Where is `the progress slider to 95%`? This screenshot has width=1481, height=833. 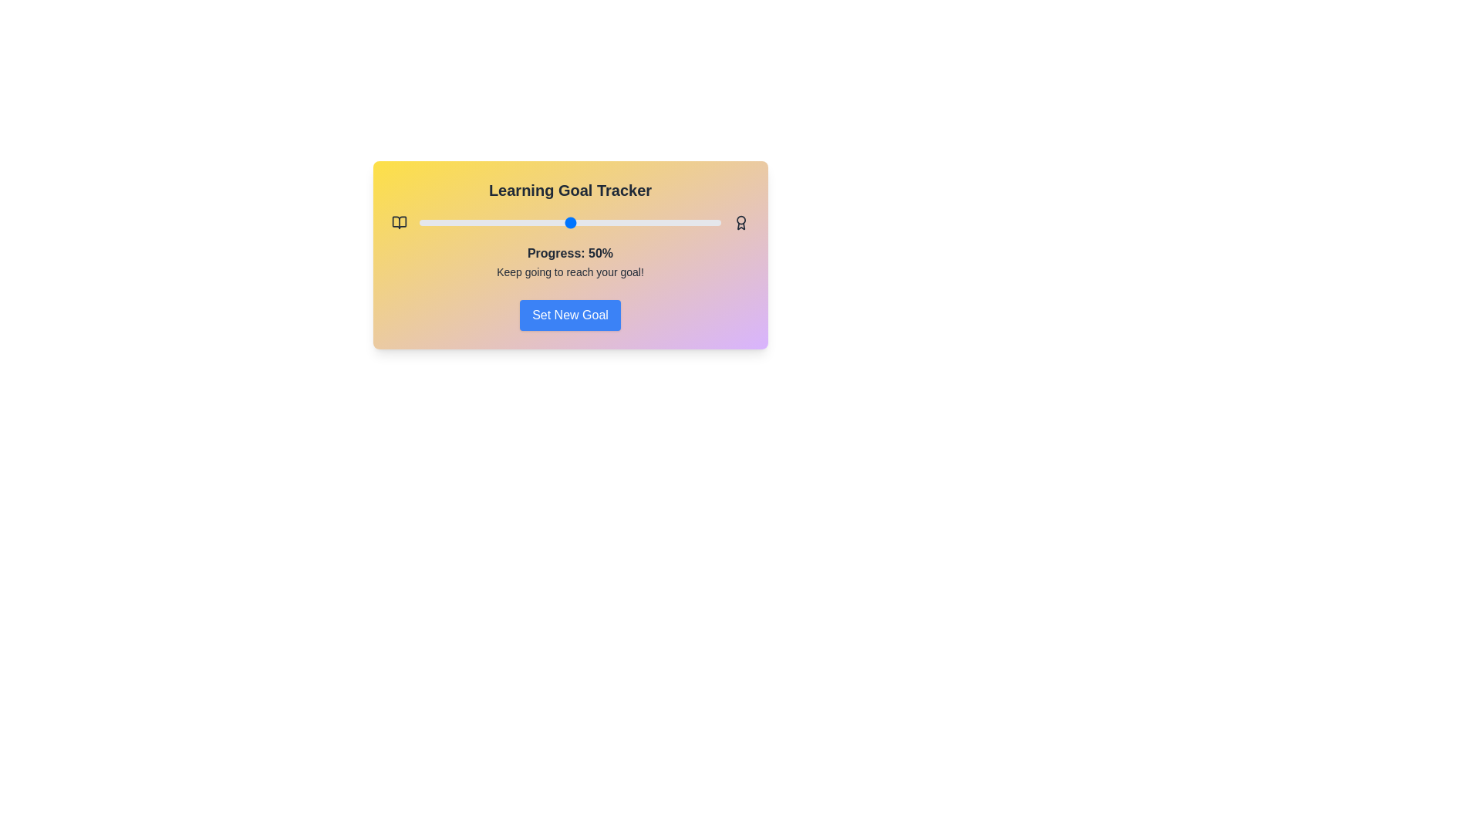 the progress slider to 95% is located at coordinates (705, 223).